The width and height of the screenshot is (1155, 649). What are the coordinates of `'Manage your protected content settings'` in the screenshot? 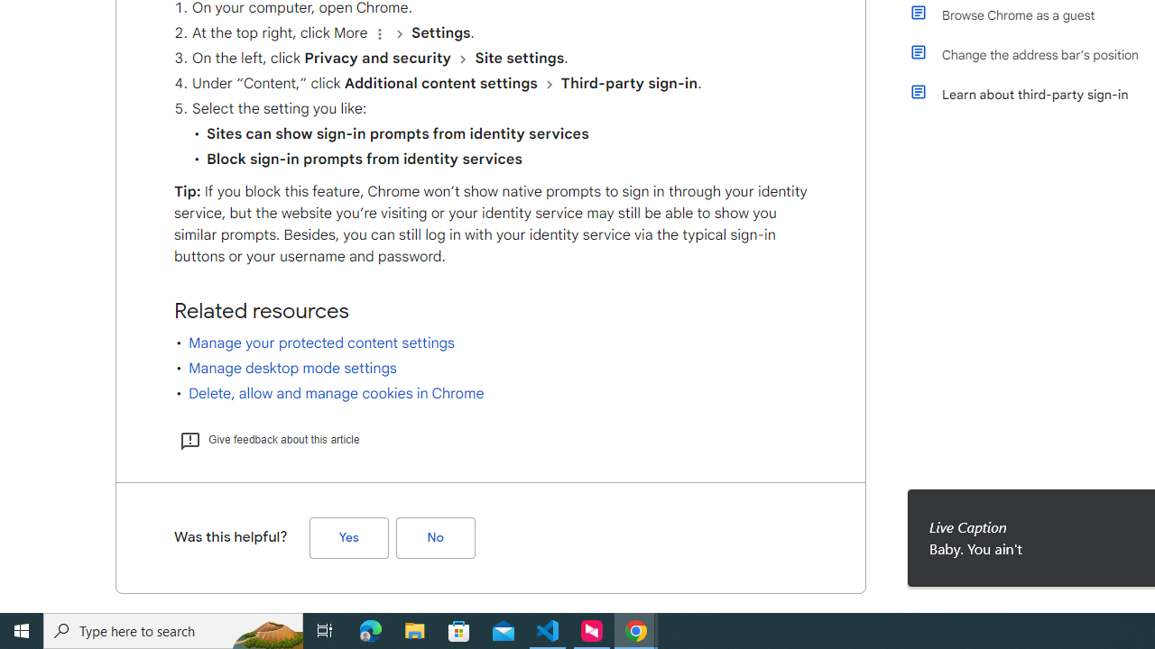 It's located at (321, 343).